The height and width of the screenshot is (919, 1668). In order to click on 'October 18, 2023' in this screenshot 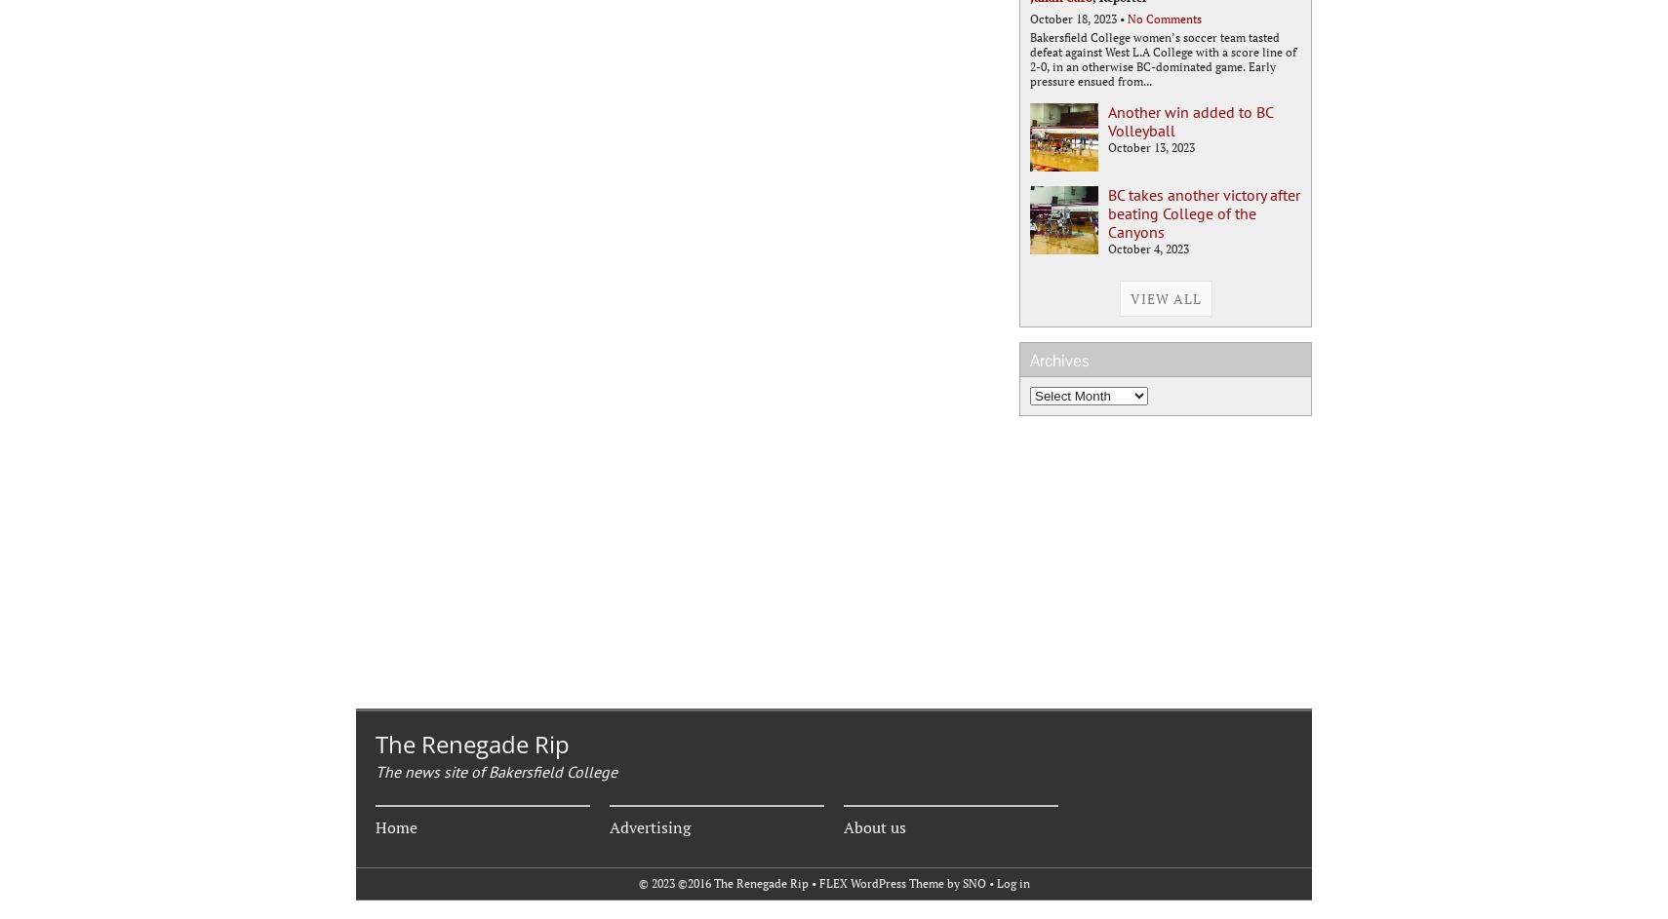, I will do `click(1072, 18)`.